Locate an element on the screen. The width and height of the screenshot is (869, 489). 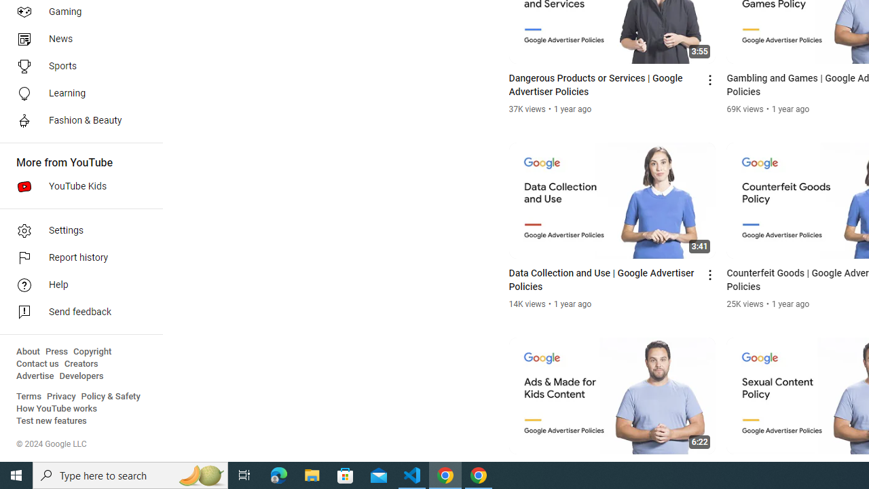
'About' is located at coordinates (28, 351).